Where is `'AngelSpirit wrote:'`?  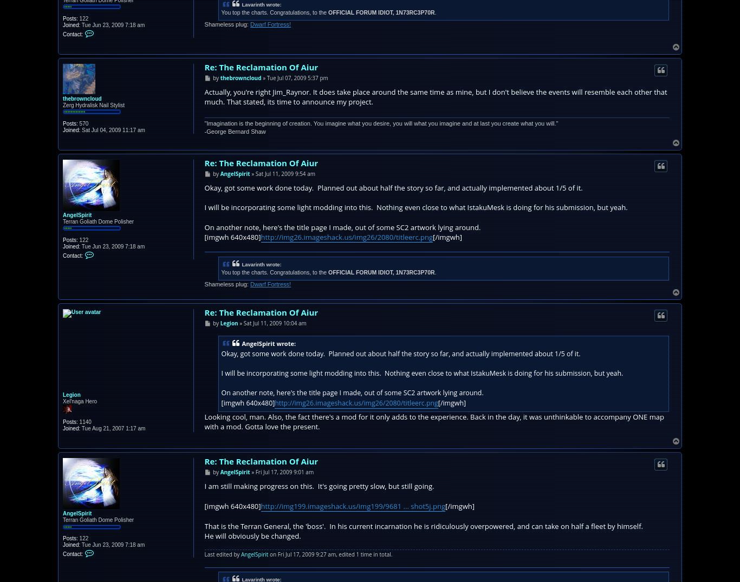 'AngelSpirit wrote:' is located at coordinates (268, 343).